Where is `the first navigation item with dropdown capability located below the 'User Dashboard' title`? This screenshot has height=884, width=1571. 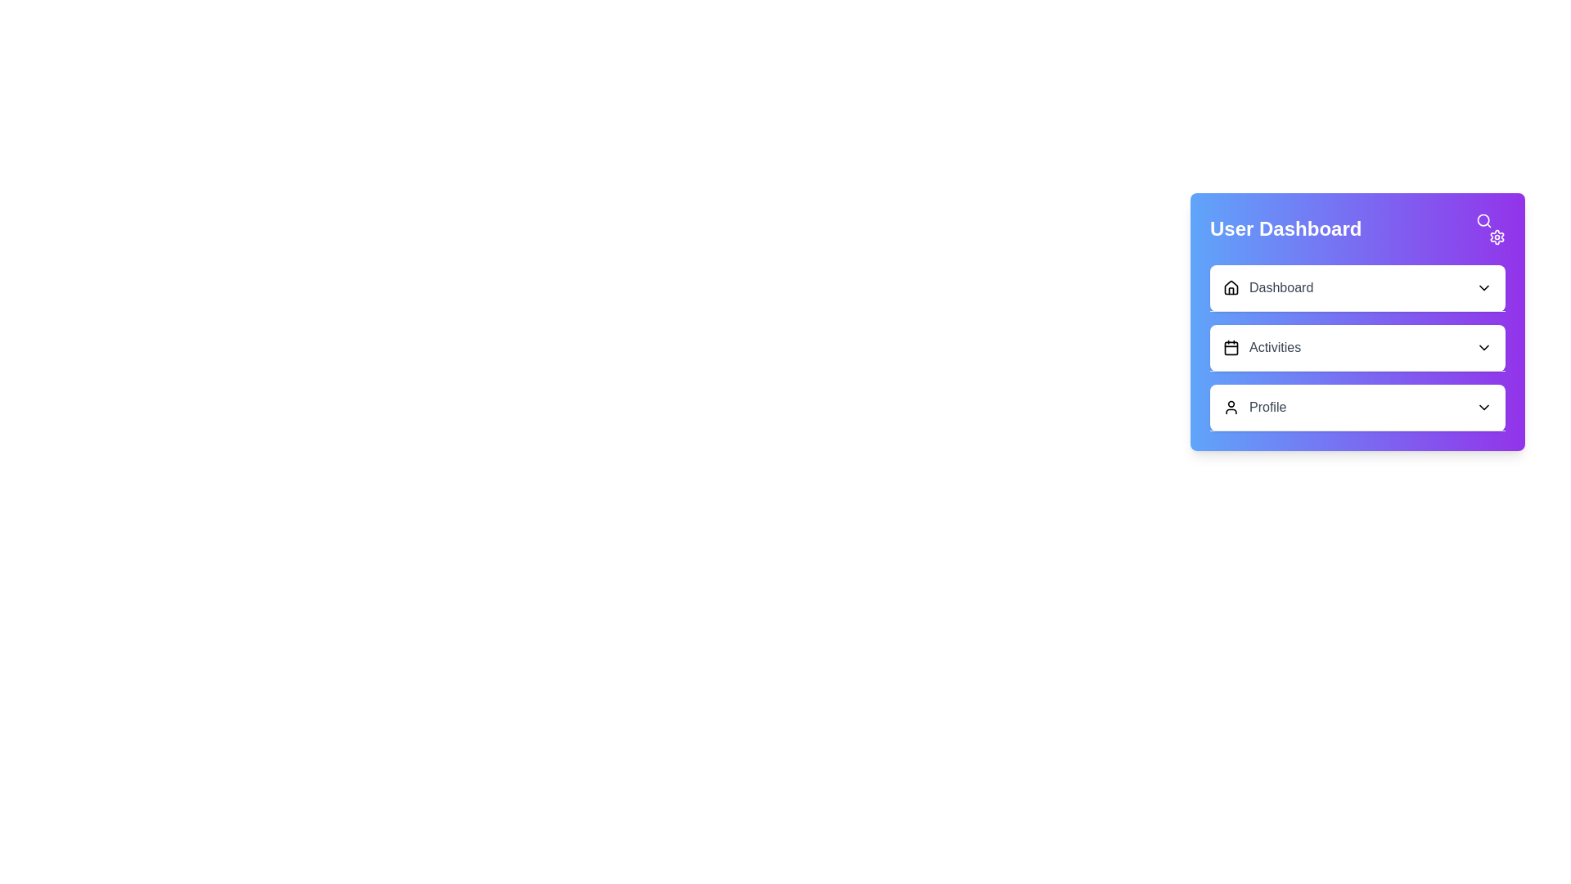
the first navigation item with dropdown capability located below the 'User Dashboard' title is located at coordinates (1357, 287).